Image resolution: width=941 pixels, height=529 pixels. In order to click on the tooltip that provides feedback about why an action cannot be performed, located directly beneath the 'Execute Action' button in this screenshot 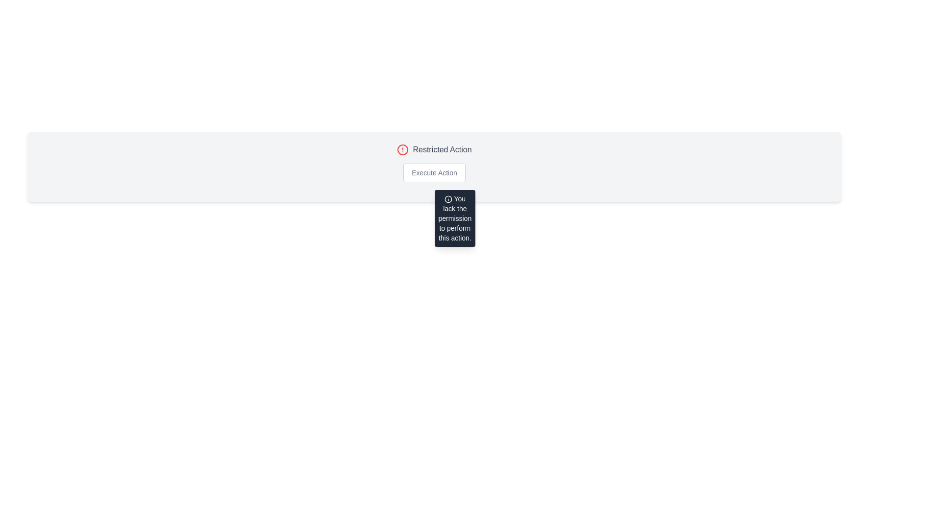, I will do `click(454, 218)`.